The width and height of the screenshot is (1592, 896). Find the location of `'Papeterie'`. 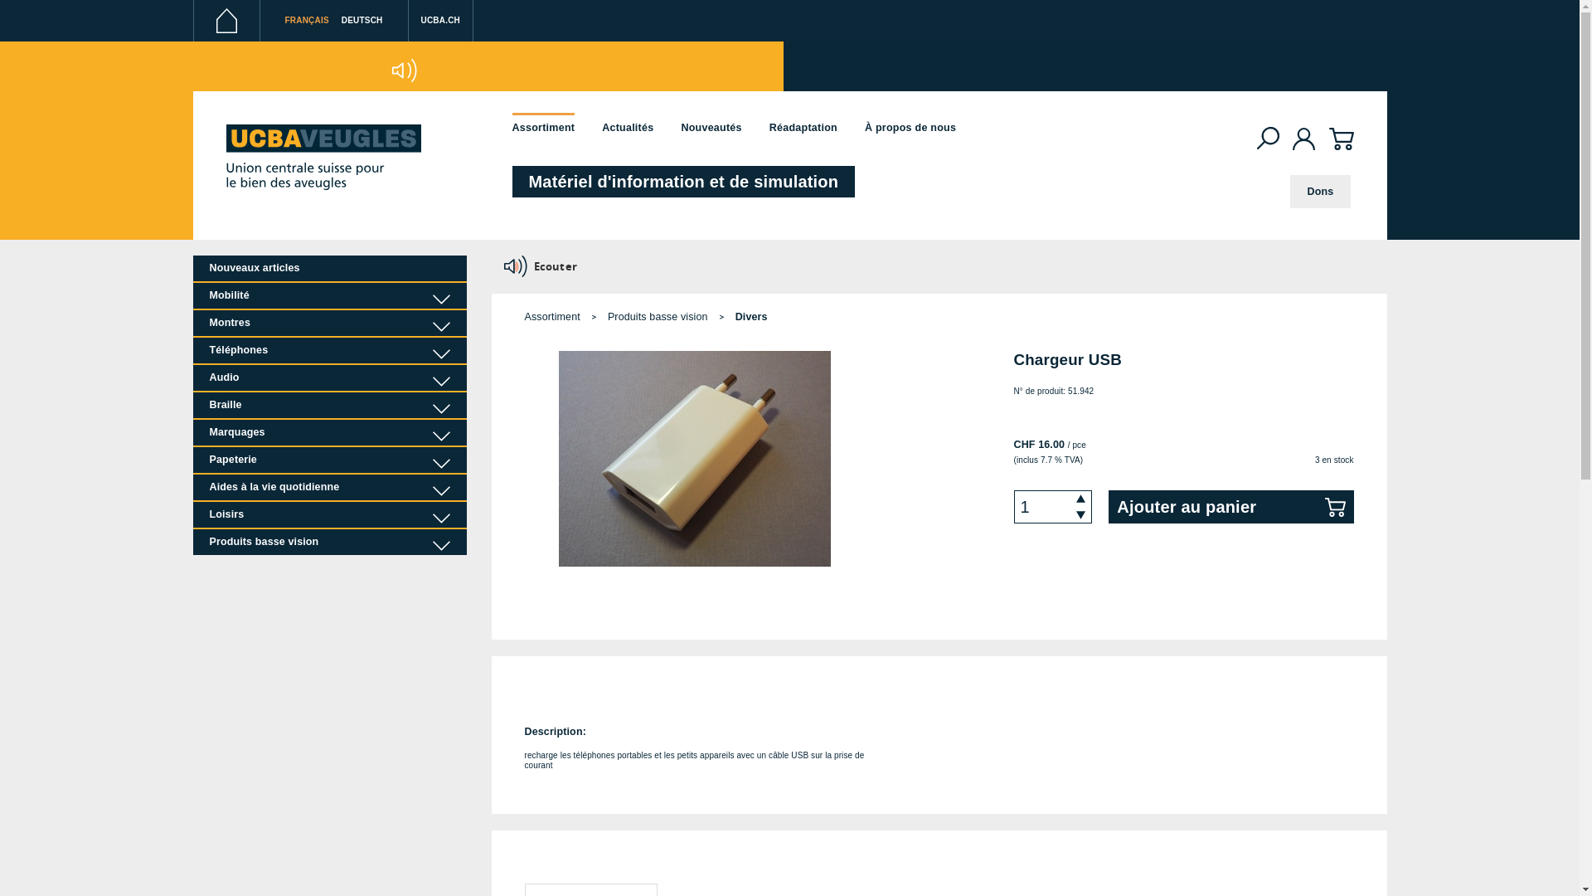

'Papeterie' is located at coordinates (329, 460).